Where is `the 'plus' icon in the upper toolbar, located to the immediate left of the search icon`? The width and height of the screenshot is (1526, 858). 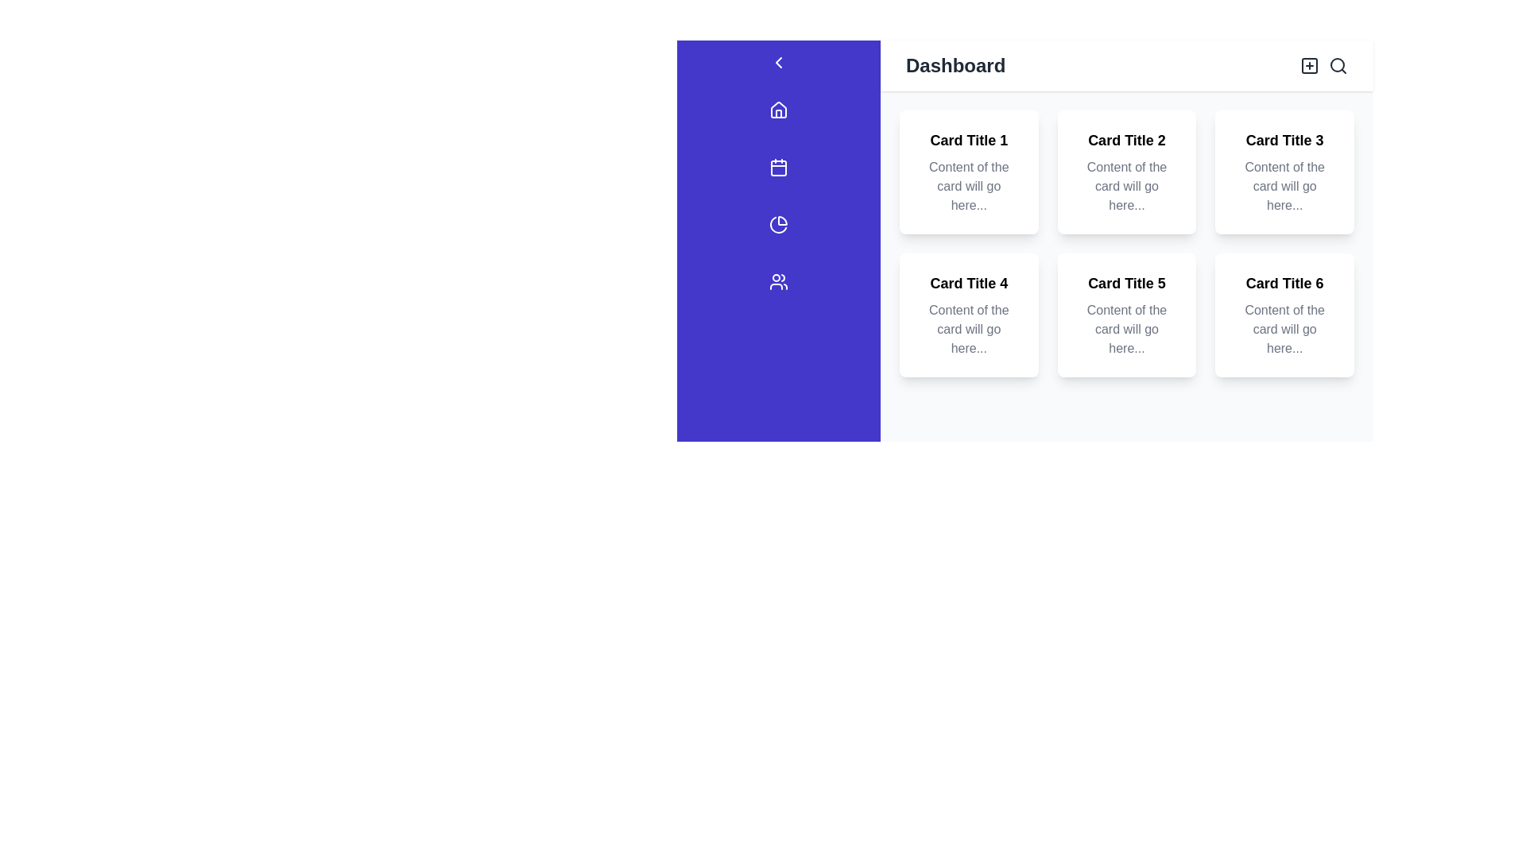 the 'plus' icon in the upper toolbar, located to the immediate left of the search icon is located at coordinates (1309, 65).